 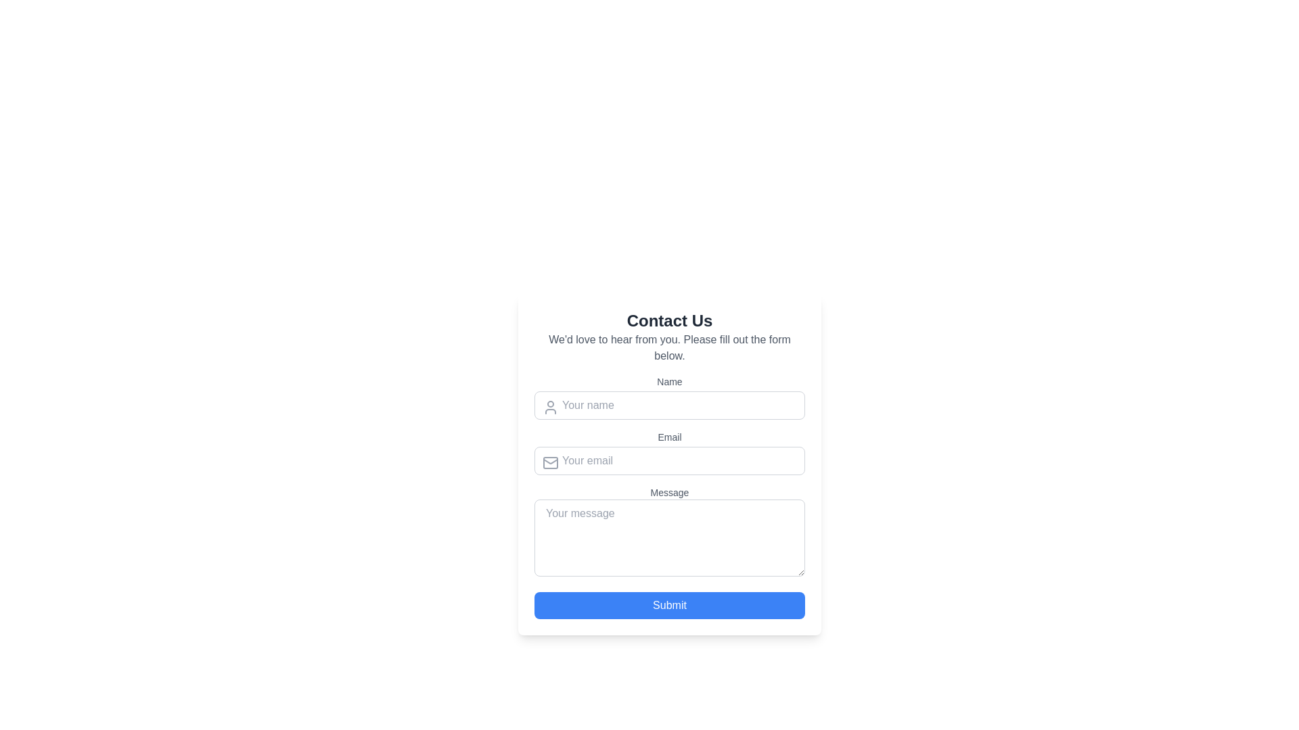 What do you see at coordinates (669, 464) in the screenshot?
I see `the 'Name' input field within the 'Contact Us' form panel` at bounding box center [669, 464].